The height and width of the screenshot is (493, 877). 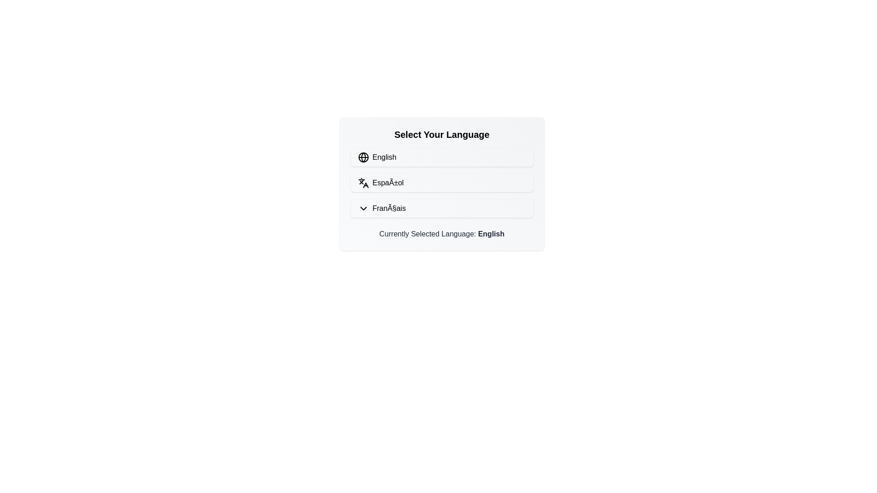 I want to click on the 'Español' selectable list item, which is the second choice in the language selection list, so click(x=442, y=184).